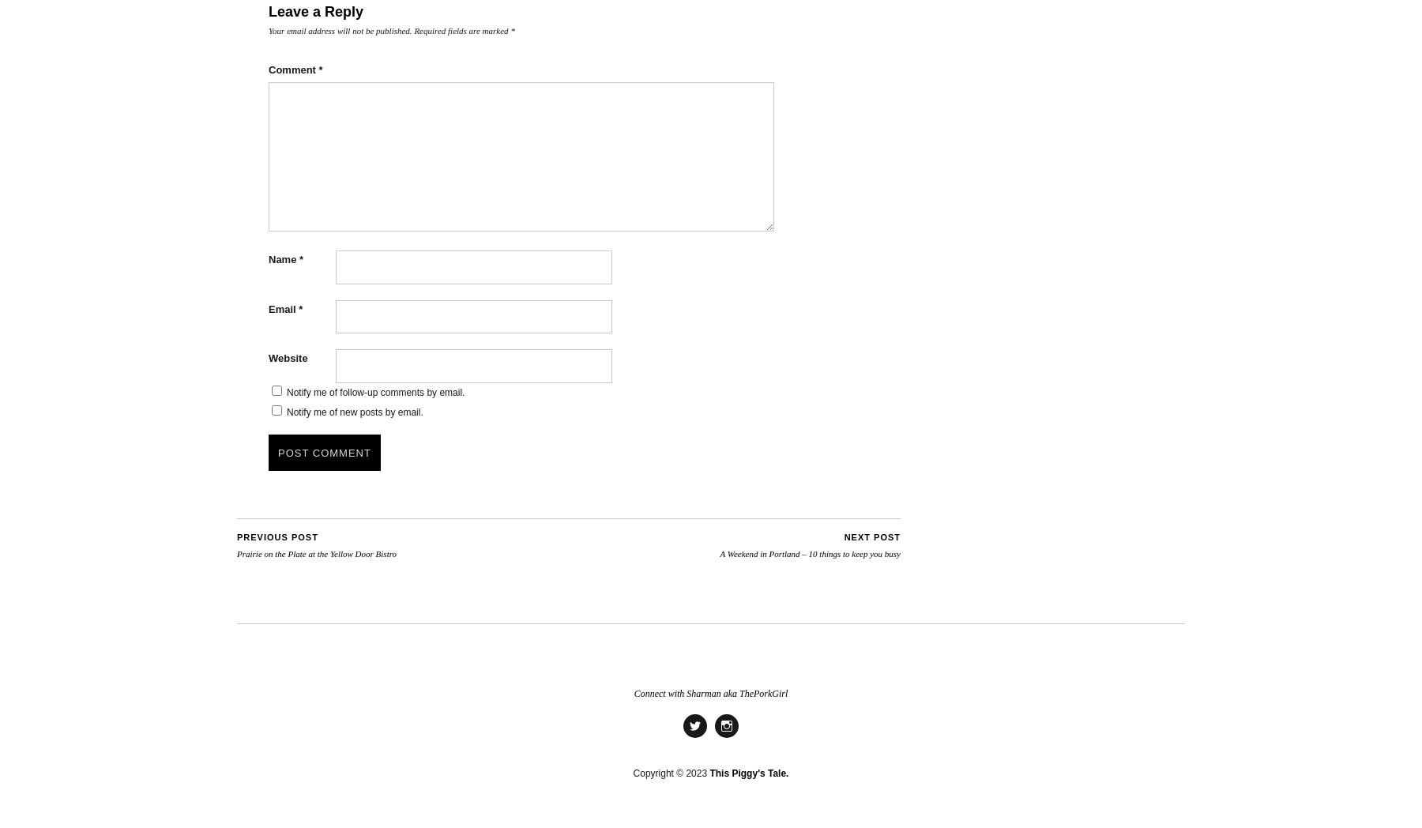 This screenshot has width=1422, height=828. Describe the element at coordinates (284, 258) in the screenshot. I see `'Name'` at that location.